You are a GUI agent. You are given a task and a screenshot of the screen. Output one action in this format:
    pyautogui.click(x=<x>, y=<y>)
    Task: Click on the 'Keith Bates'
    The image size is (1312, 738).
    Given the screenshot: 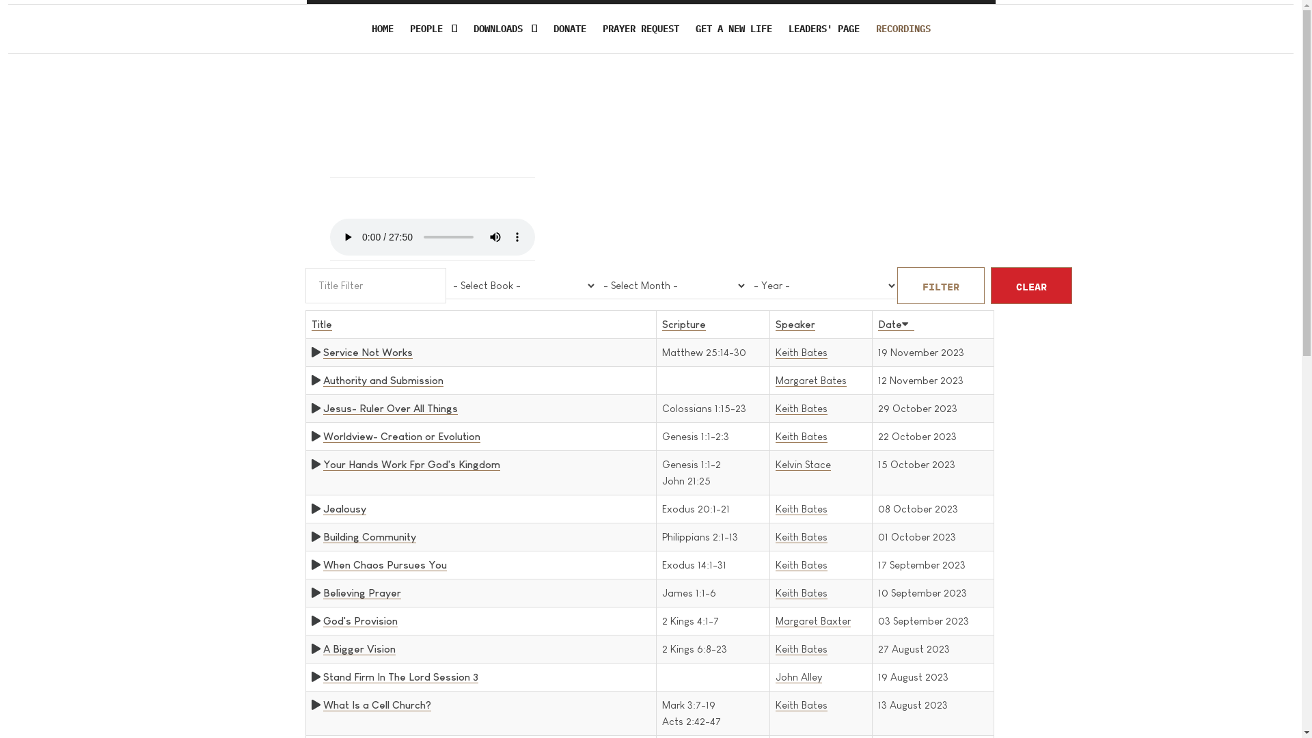 What is the action you would take?
    pyautogui.click(x=801, y=705)
    